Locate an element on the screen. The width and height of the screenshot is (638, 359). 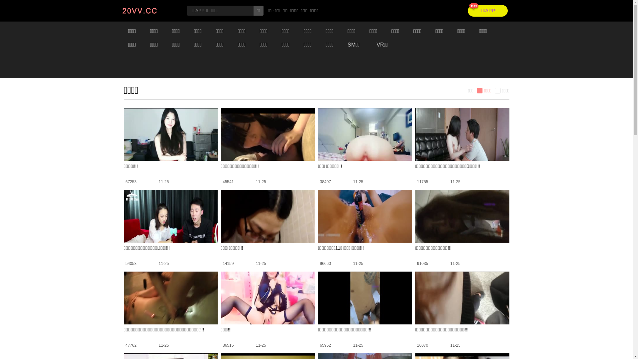
'static/images/logo.jpg' is located at coordinates (149, 11).